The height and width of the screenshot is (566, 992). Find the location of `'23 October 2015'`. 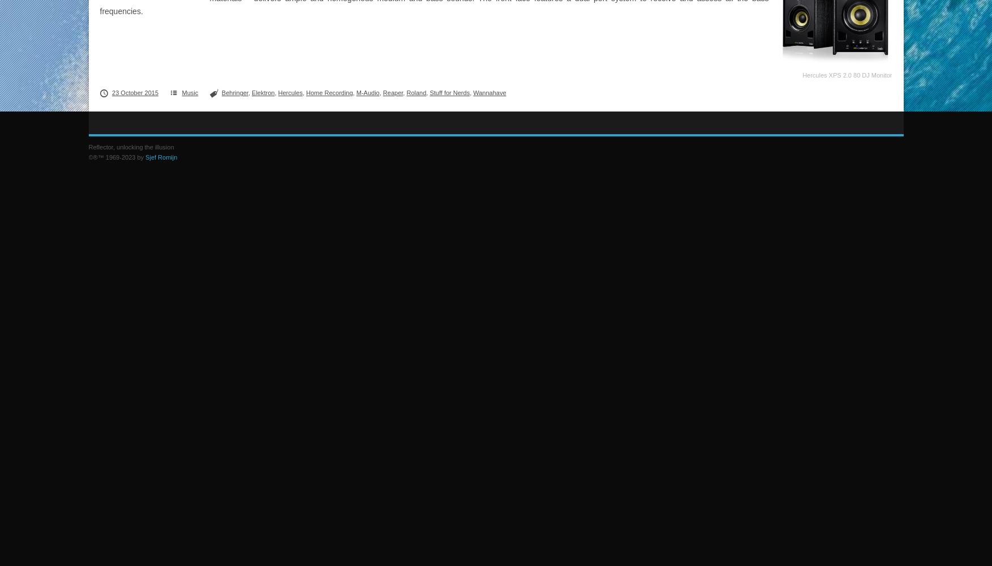

'23 October 2015' is located at coordinates (135, 93).